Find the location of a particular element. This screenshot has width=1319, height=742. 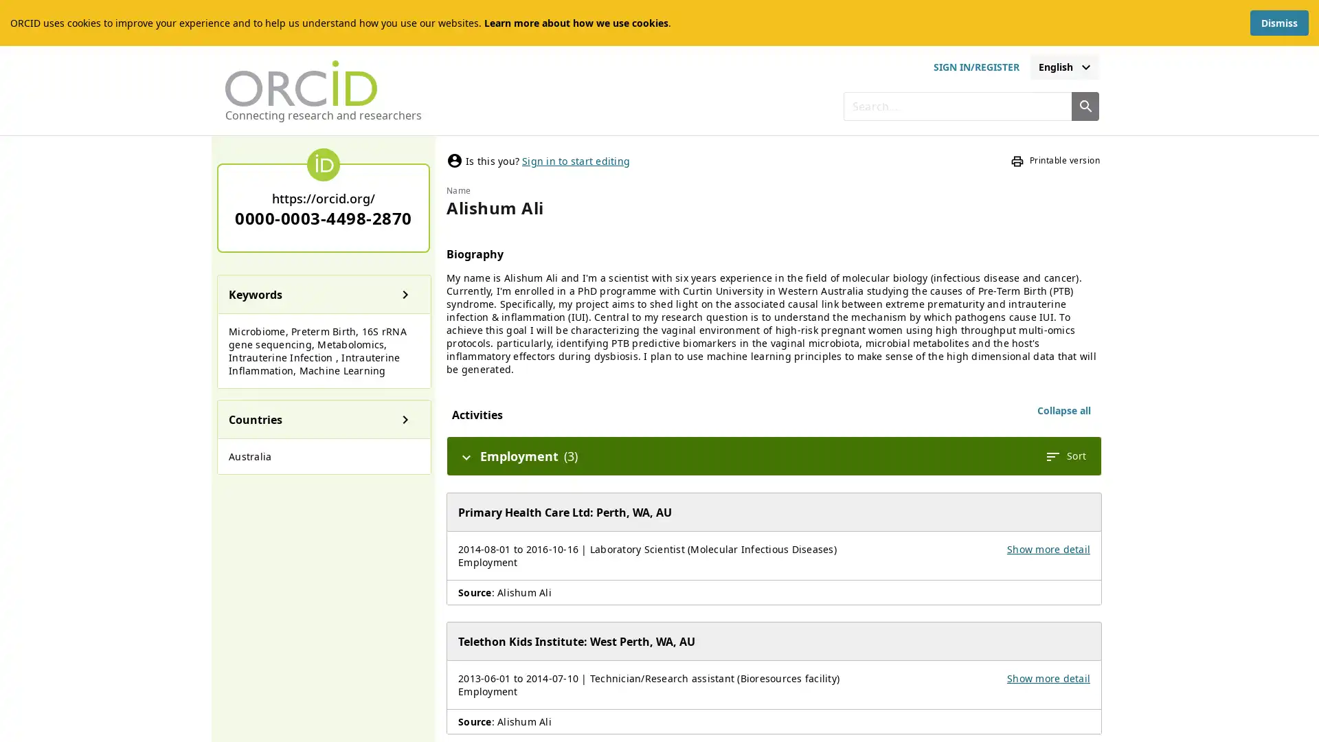

Show more detail is located at coordinates (1048, 548).